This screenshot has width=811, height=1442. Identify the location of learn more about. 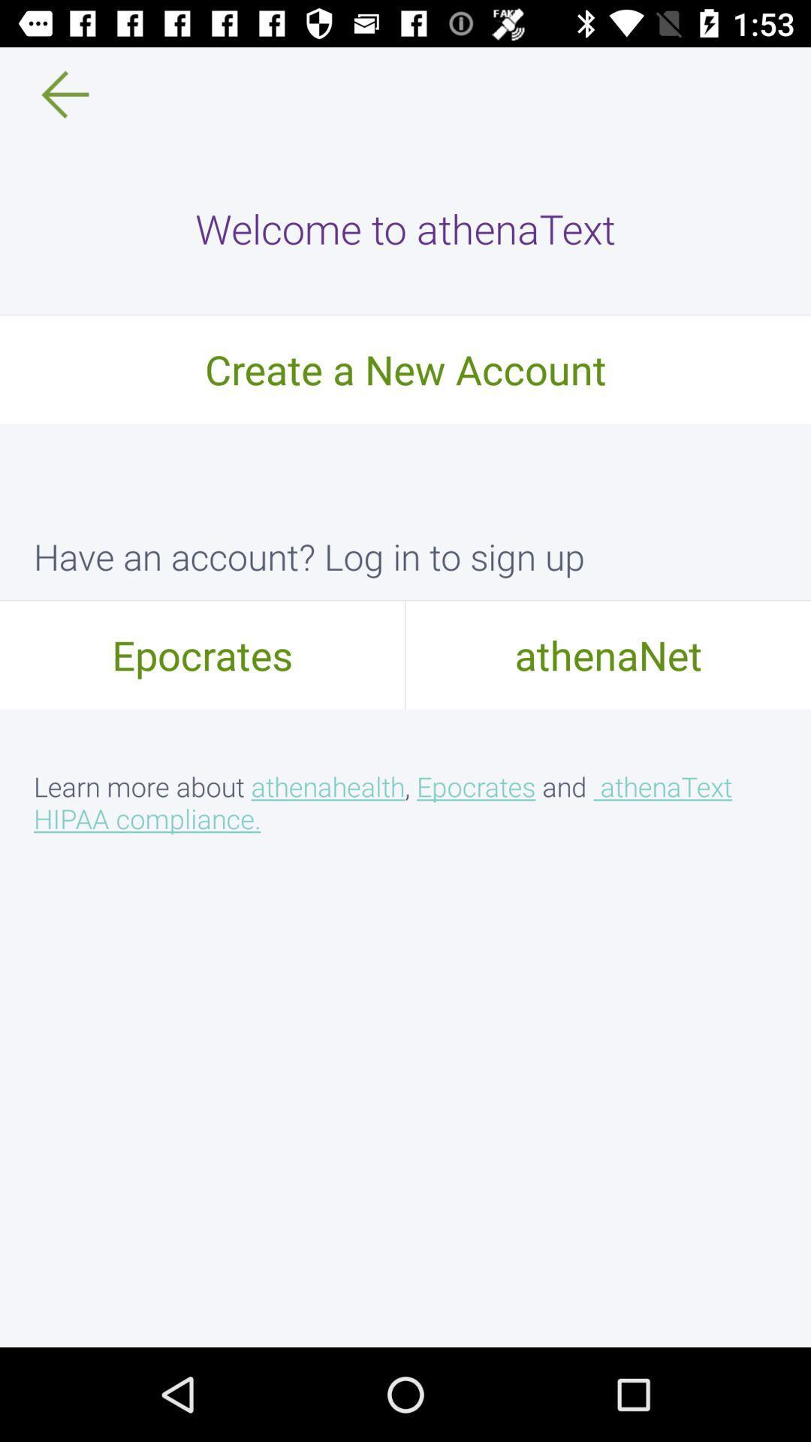
(405, 801).